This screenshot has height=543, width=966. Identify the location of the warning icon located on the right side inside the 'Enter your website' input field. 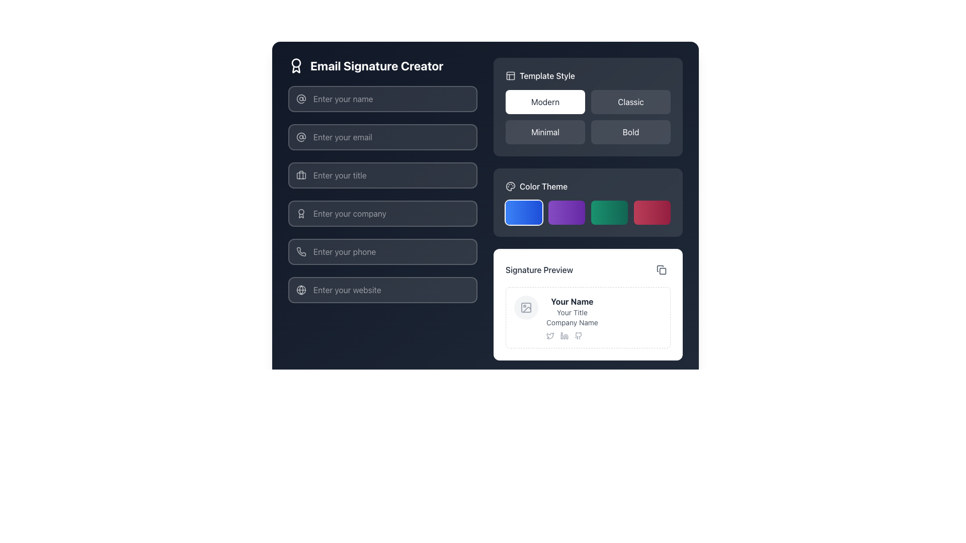
(431, 298).